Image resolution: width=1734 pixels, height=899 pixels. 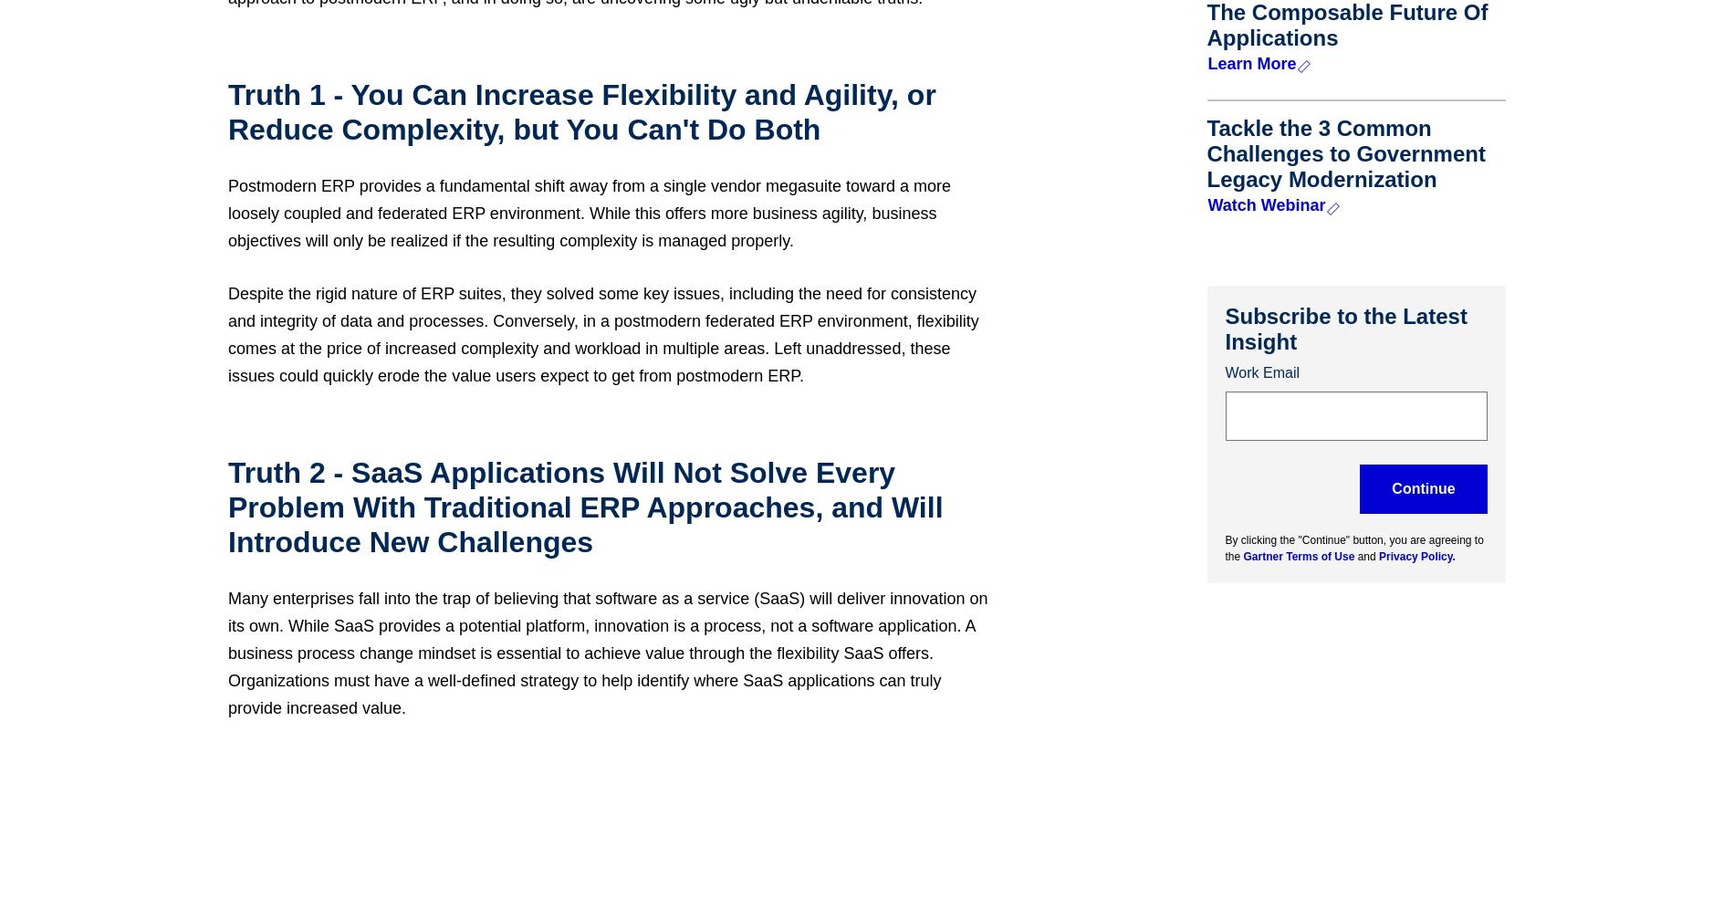 What do you see at coordinates (585, 507) in the screenshot?
I see `'Truth 2 - SaaS Applications Will Not Solve Every Problem With Traditional ERP Approaches, and Will Introduce New Challenges'` at bounding box center [585, 507].